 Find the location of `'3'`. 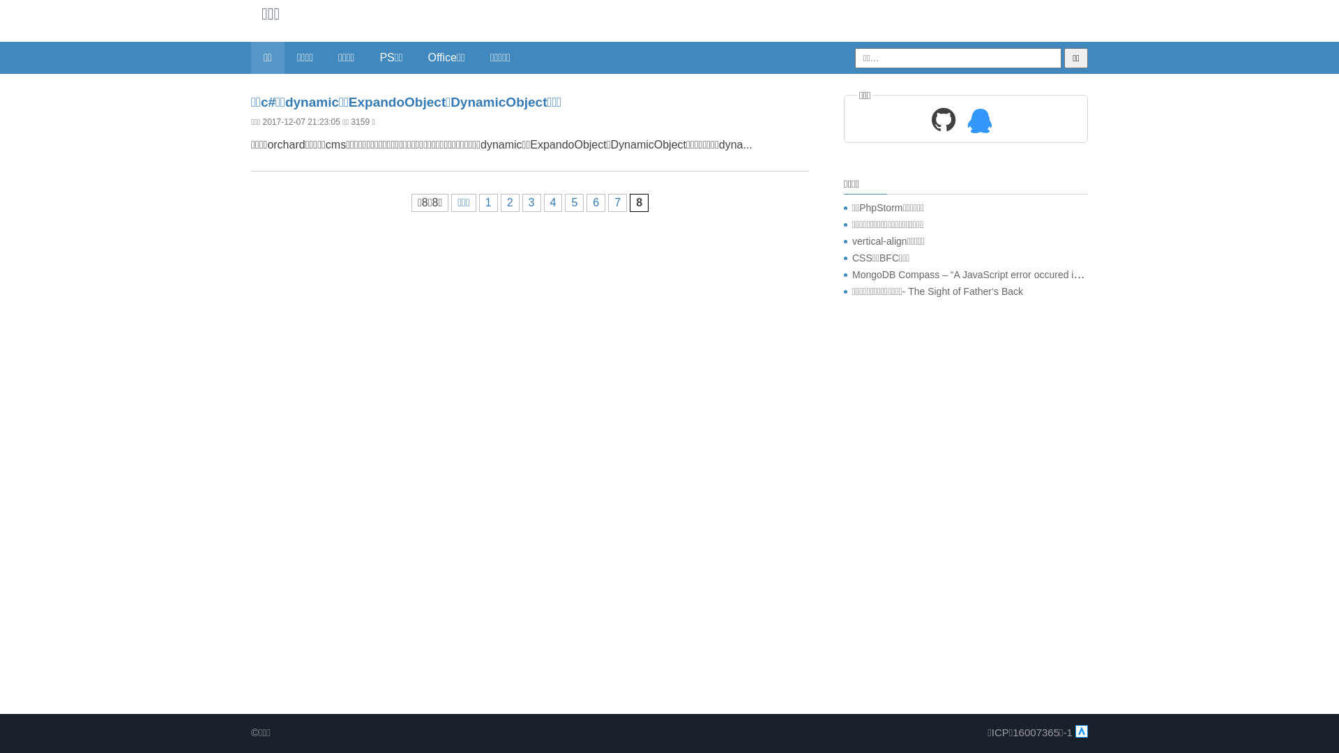

'3' is located at coordinates (531, 202).